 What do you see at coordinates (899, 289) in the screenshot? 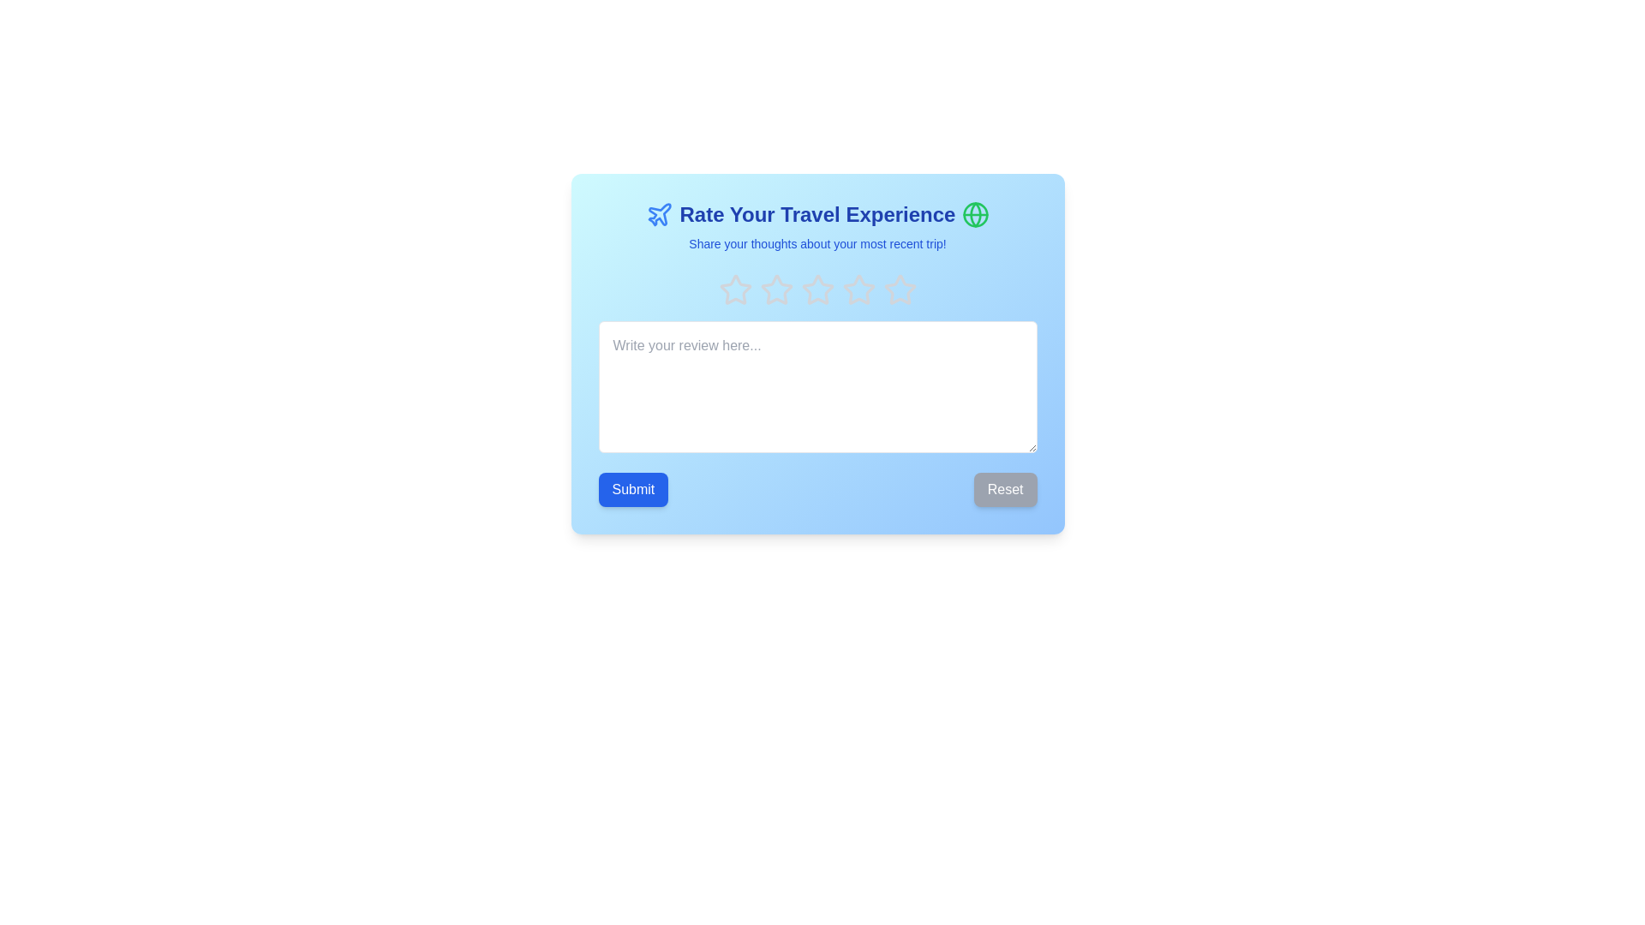
I see `the fourth star-shaped icon in the row under the headline 'Rate Your Travel Experience' for accessibility tools` at bounding box center [899, 289].